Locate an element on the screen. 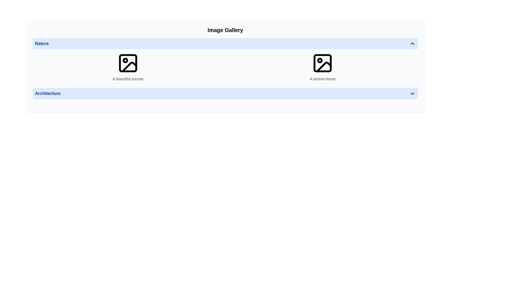  the downward-facing chevron icon located at the right end of the 'Architecture' component is located at coordinates (412, 93).